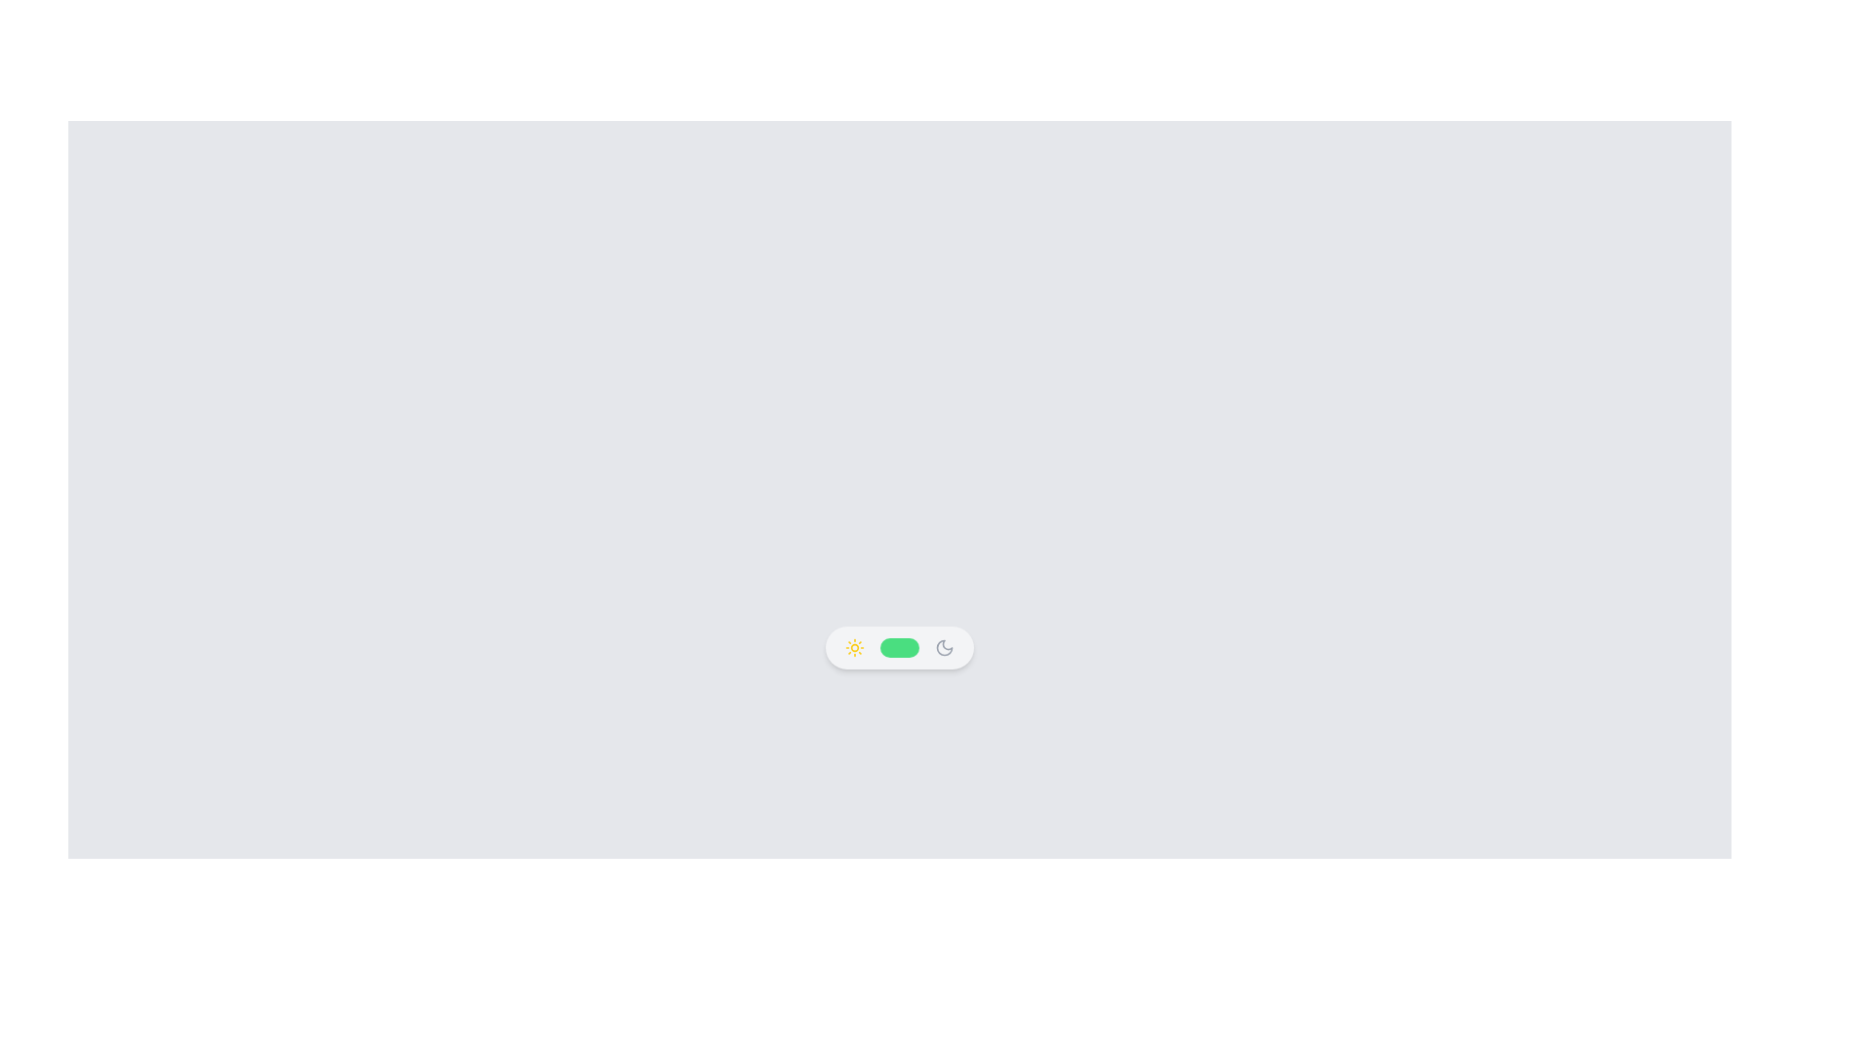 The image size is (1874, 1054). Describe the element at coordinates (945, 647) in the screenshot. I see `the night mode icon located in the left segment of the toggle control at the bottom center of the interface` at that location.